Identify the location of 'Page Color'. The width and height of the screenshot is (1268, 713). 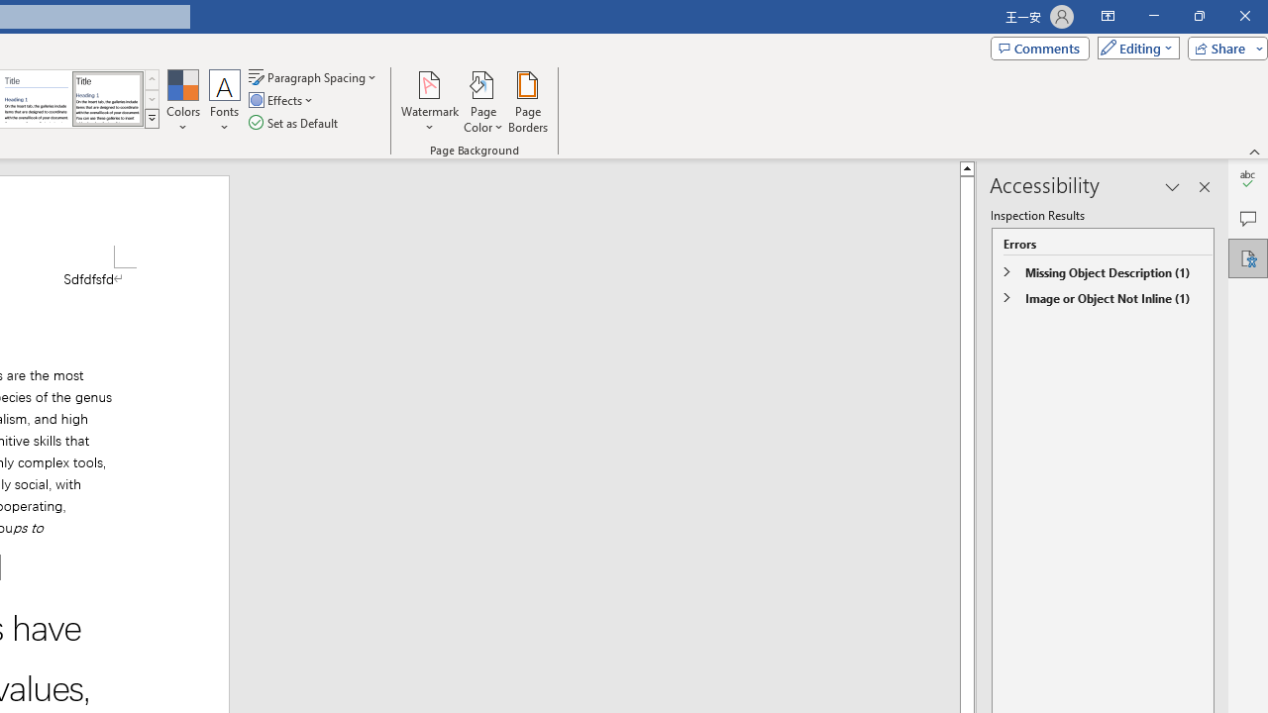
(483, 102).